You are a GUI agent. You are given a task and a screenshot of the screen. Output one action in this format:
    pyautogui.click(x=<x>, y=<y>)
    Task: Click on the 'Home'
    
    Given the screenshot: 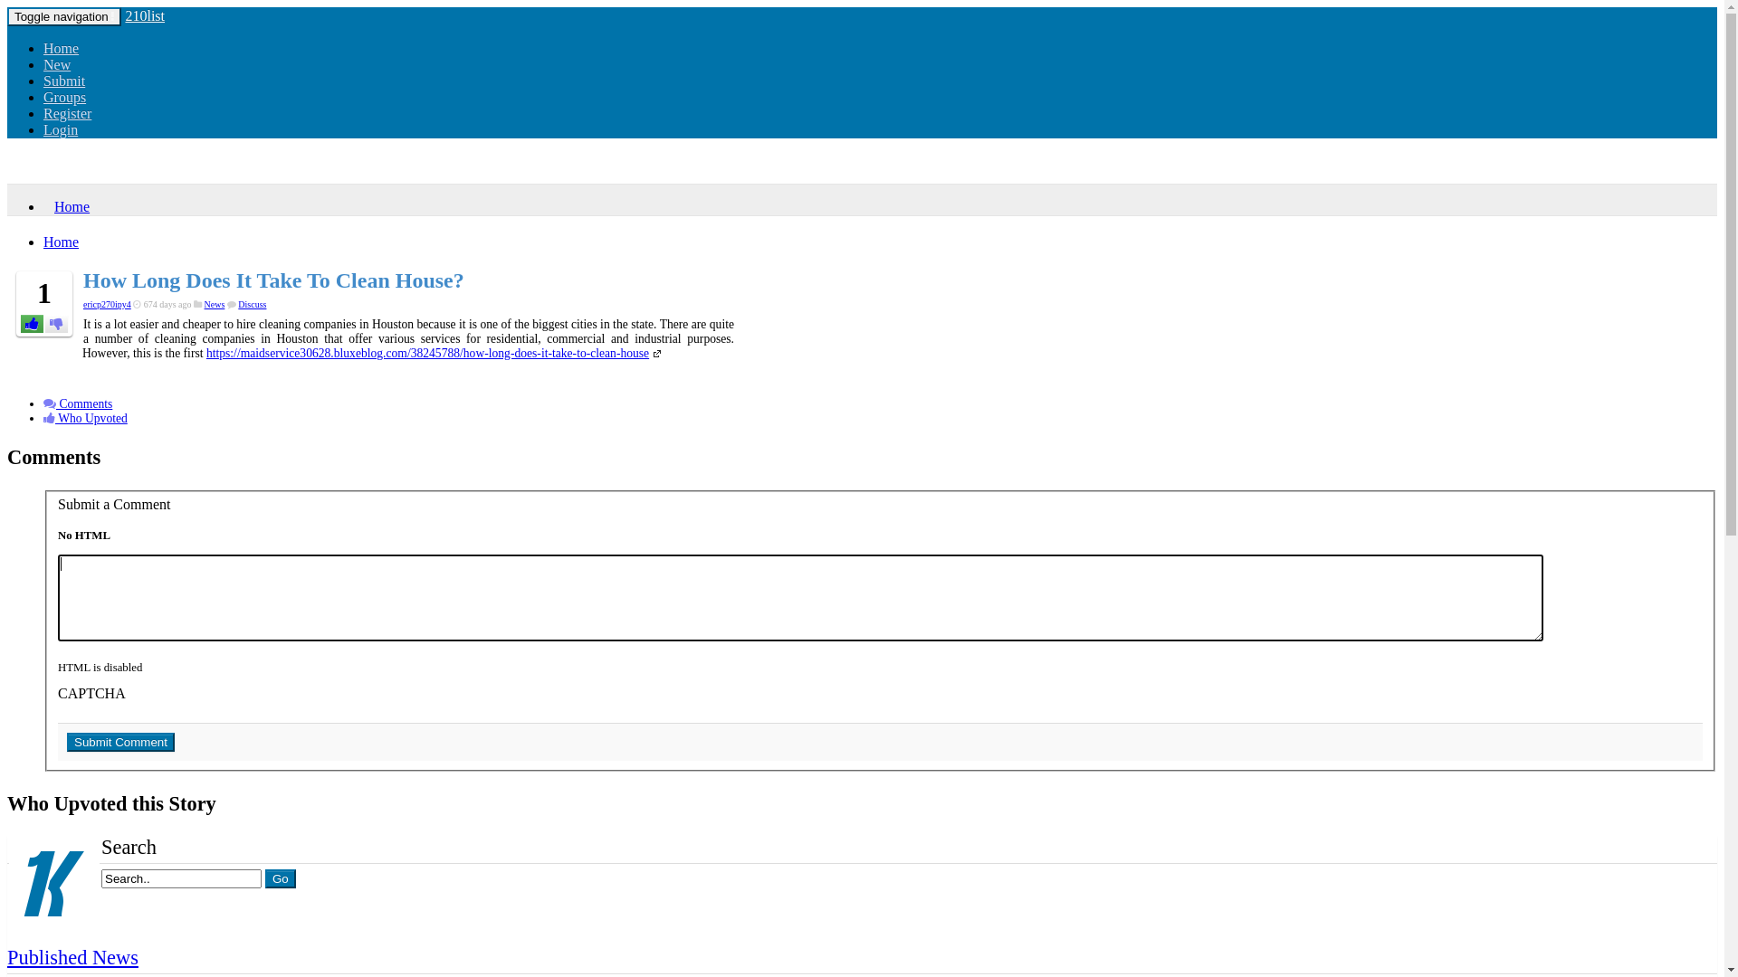 What is the action you would take?
    pyautogui.click(x=66, y=205)
    